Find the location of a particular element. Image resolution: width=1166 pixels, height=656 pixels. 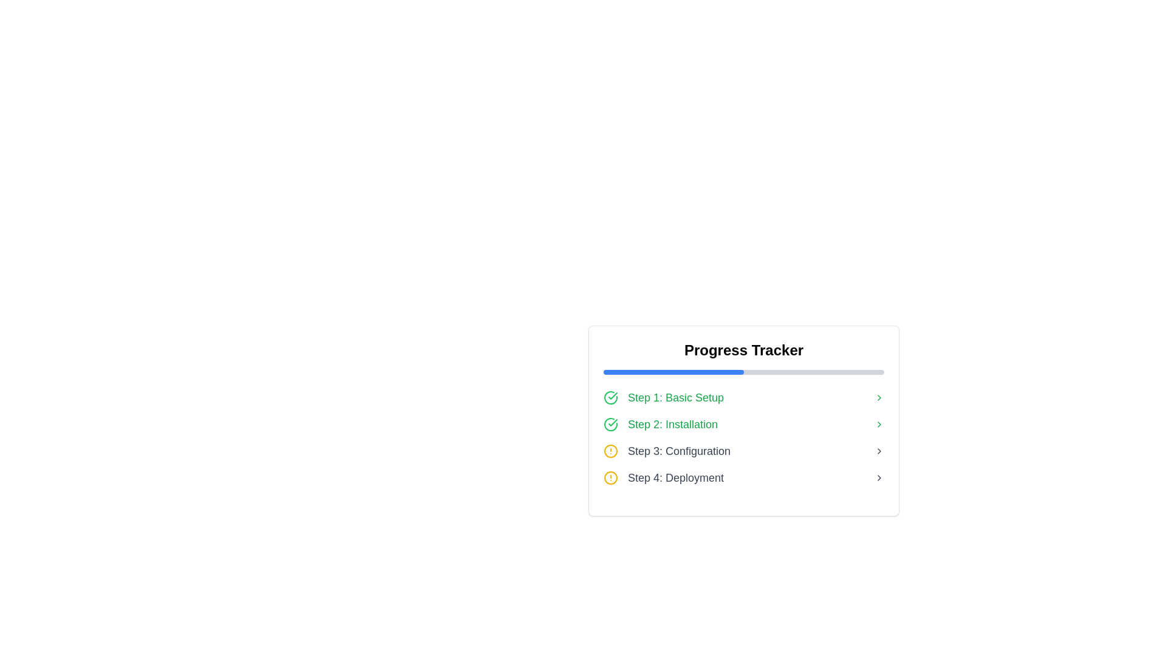

the icon representing the status of 'Step 4: Deployment' located at the far-left side of the 'Progress Tracker' component is located at coordinates (611, 477).